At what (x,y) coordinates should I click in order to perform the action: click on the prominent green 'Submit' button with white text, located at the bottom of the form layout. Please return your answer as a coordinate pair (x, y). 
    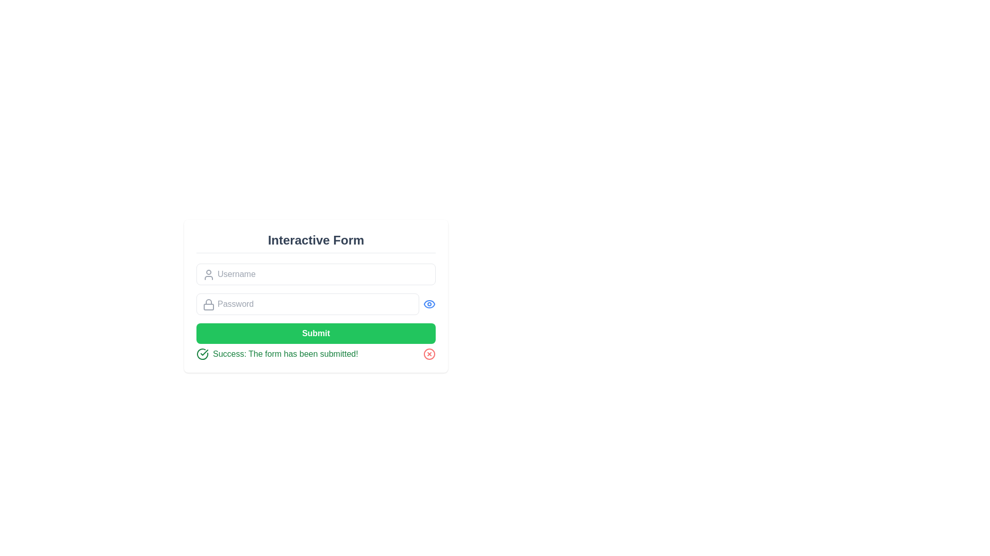
    Looking at the image, I should click on (316, 334).